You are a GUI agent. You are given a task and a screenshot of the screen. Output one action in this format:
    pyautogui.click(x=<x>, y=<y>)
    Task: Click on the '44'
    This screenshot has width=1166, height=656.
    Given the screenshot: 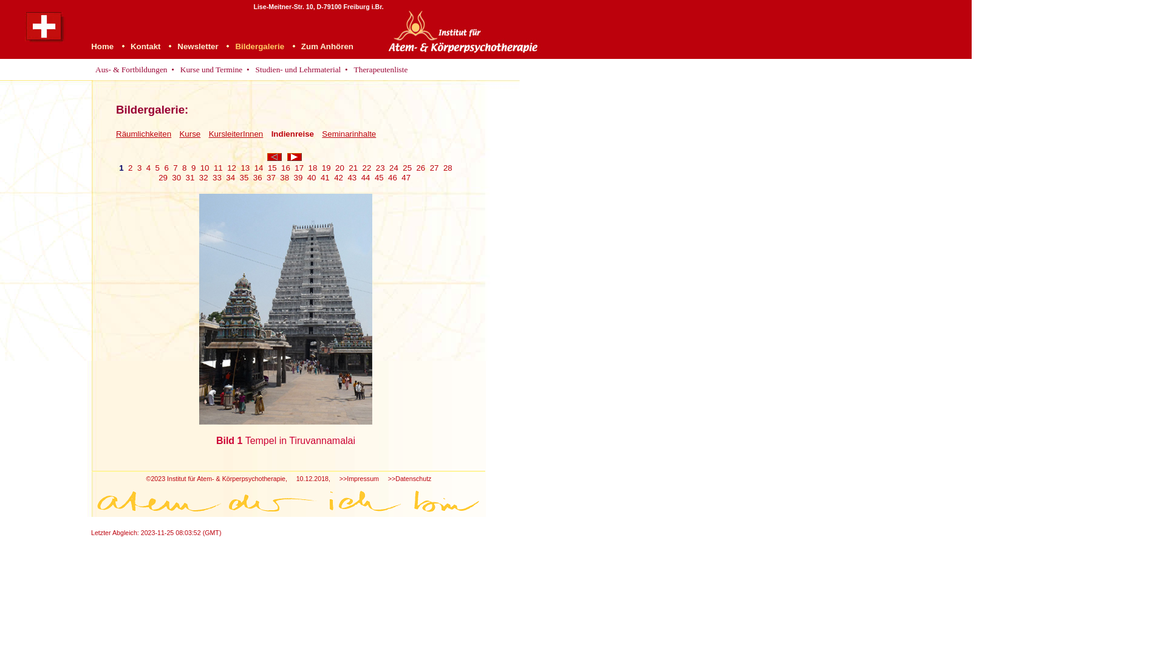 What is the action you would take?
    pyautogui.click(x=361, y=177)
    